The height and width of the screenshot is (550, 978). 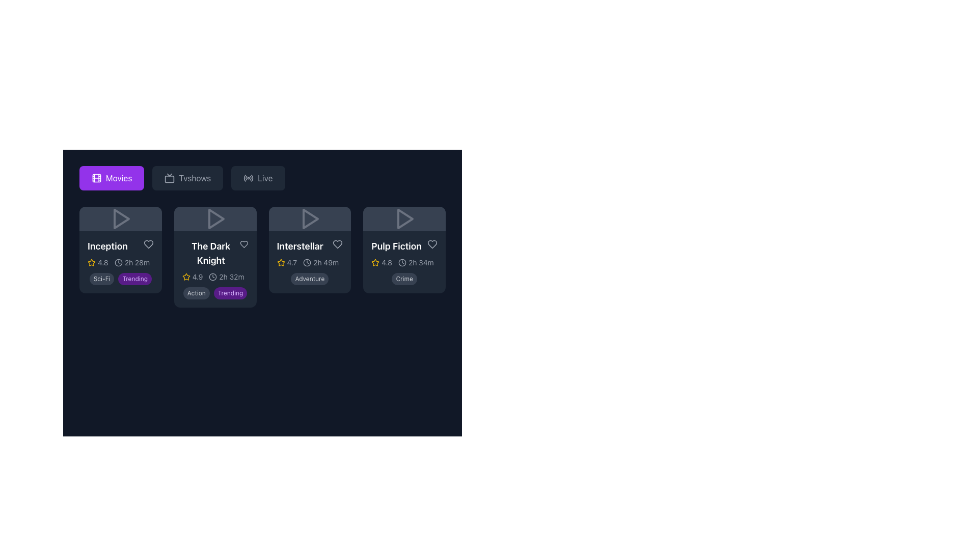 What do you see at coordinates (320, 262) in the screenshot?
I see `the informational label displaying '2h 49m' next to the genre label in the third movie card` at bounding box center [320, 262].